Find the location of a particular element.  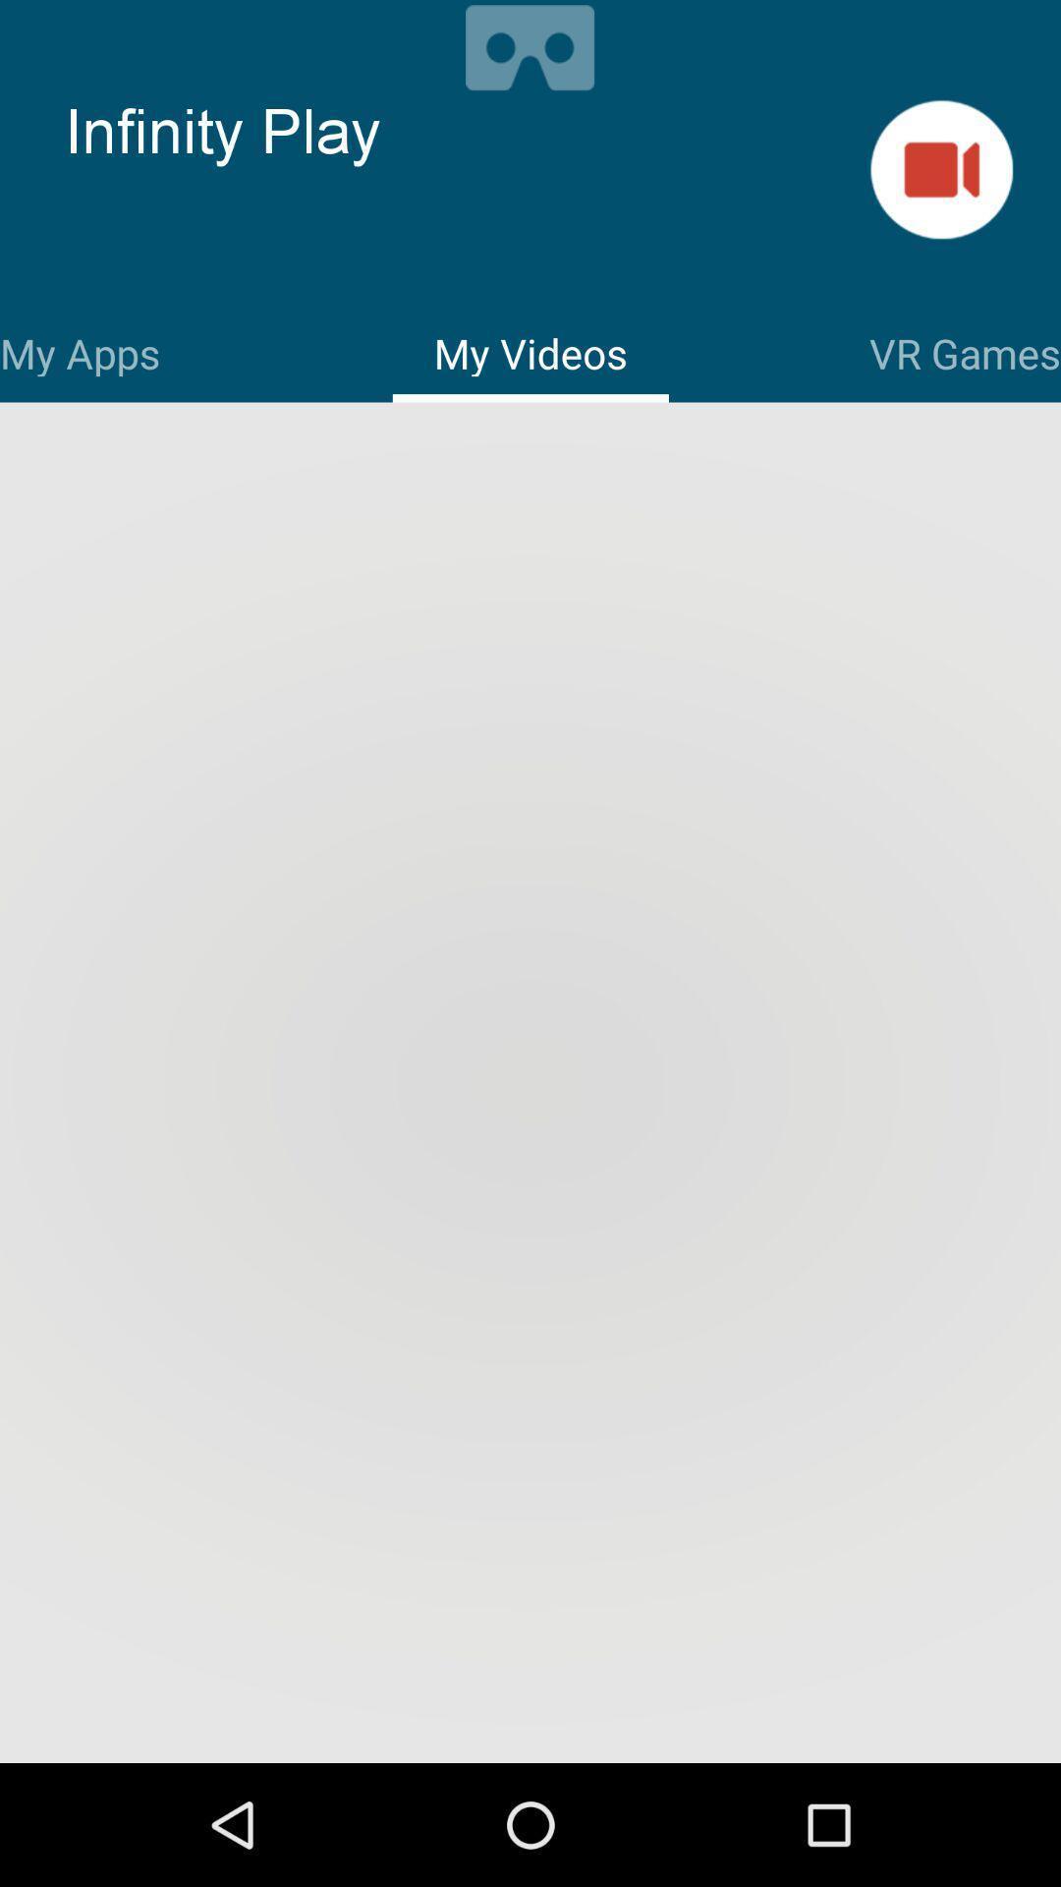

item to the right of my videos app is located at coordinates (964, 350).